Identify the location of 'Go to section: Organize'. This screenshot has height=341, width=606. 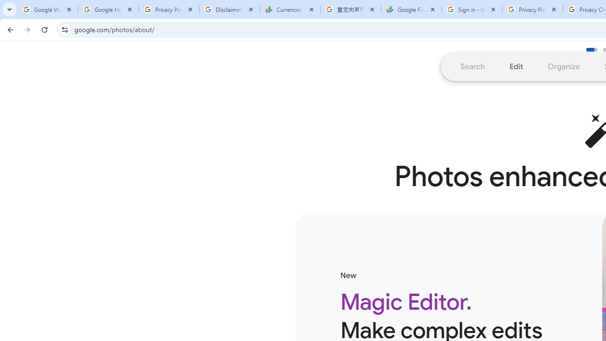
(564, 66).